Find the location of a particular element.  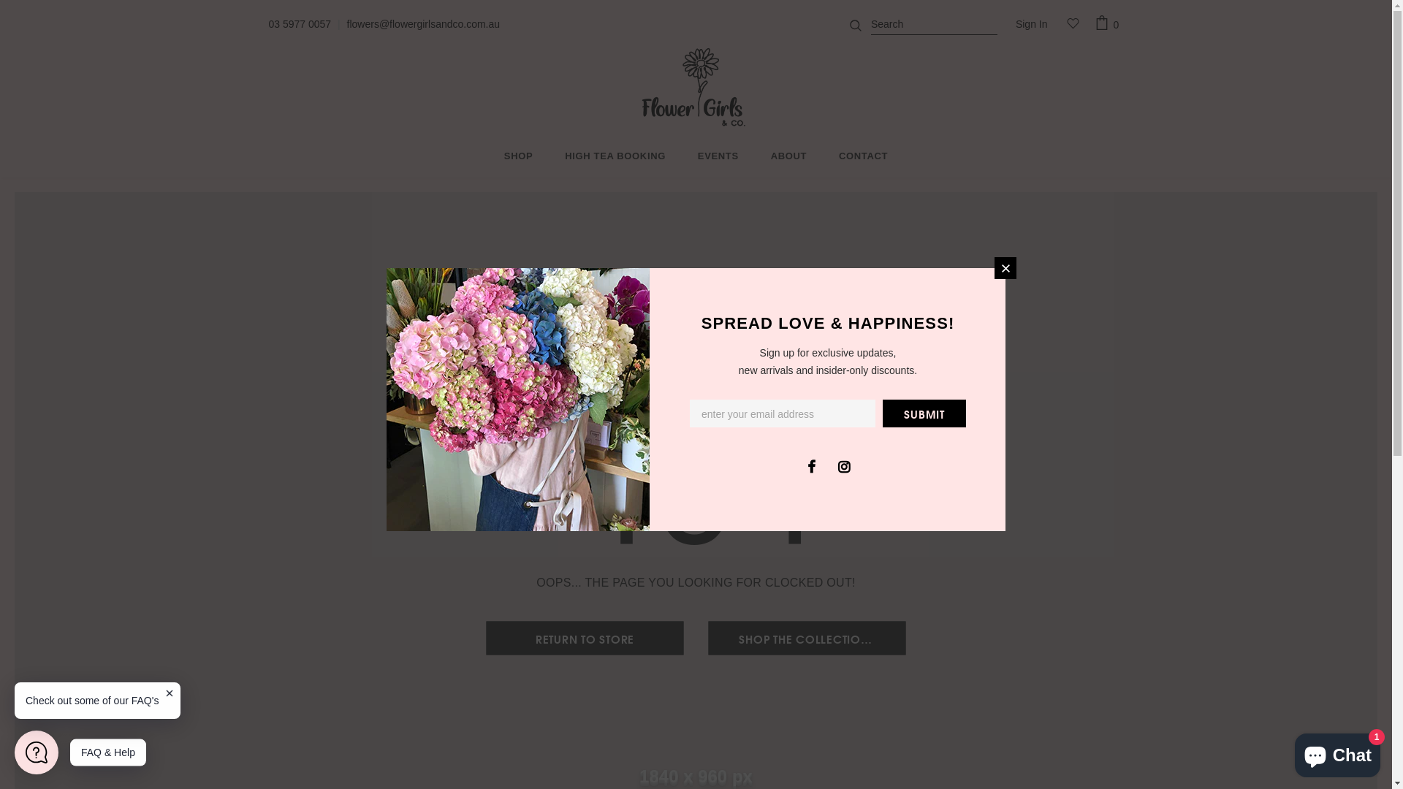

'HIGH TEA BOOKING' is located at coordinates (615, 158).